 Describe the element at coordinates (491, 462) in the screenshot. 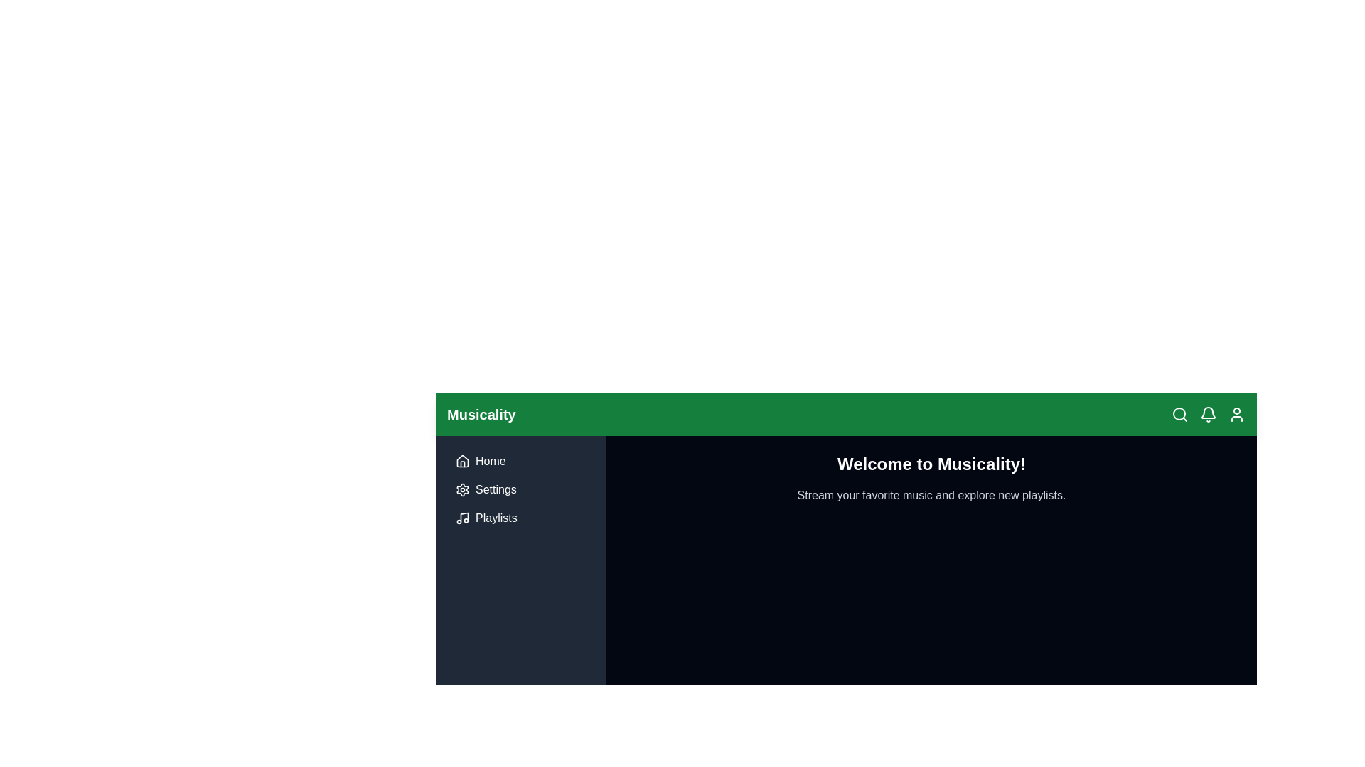

I see `the Text Label that serves as a label for the navigation link to the homepage, located in the left navigation panel directly below the green header bar` at that location.